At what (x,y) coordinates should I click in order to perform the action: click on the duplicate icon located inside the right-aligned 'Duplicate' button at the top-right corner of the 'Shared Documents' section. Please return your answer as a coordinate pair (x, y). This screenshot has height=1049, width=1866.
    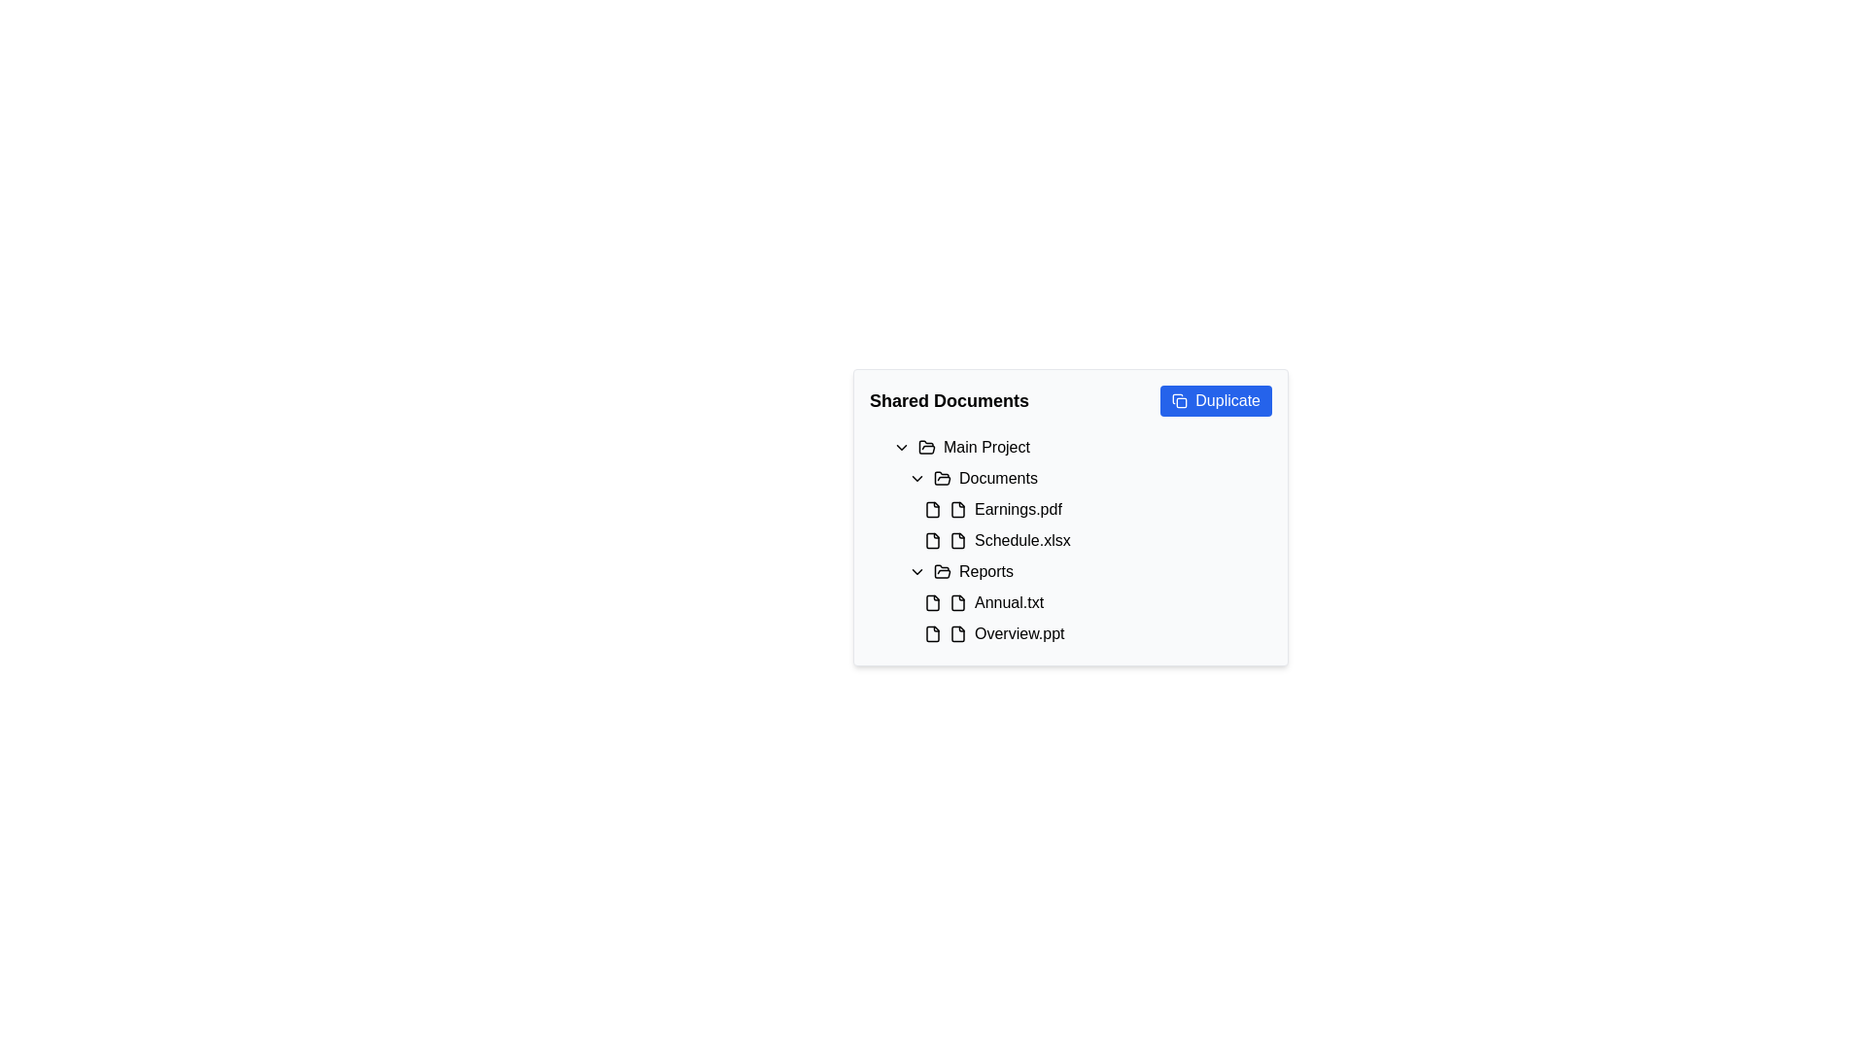
    Looking at the image, I should click on (1179, 399).